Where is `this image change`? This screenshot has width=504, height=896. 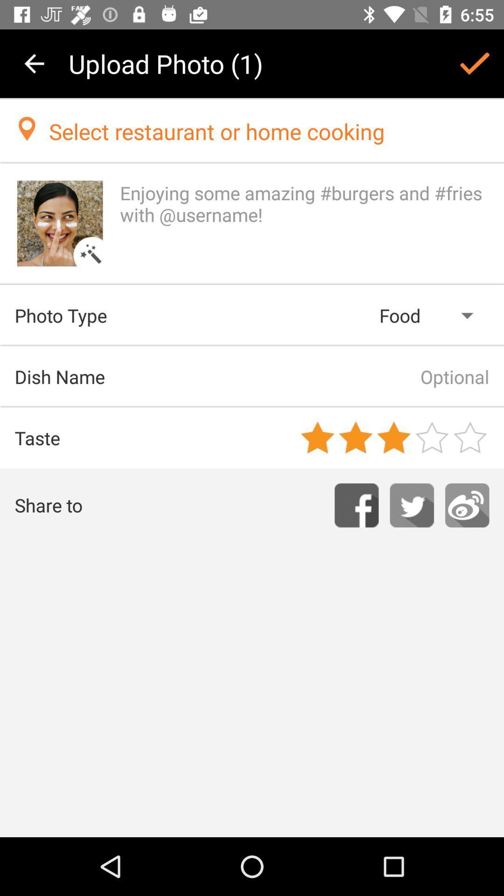
this image change is located at coordinates (60, 223).